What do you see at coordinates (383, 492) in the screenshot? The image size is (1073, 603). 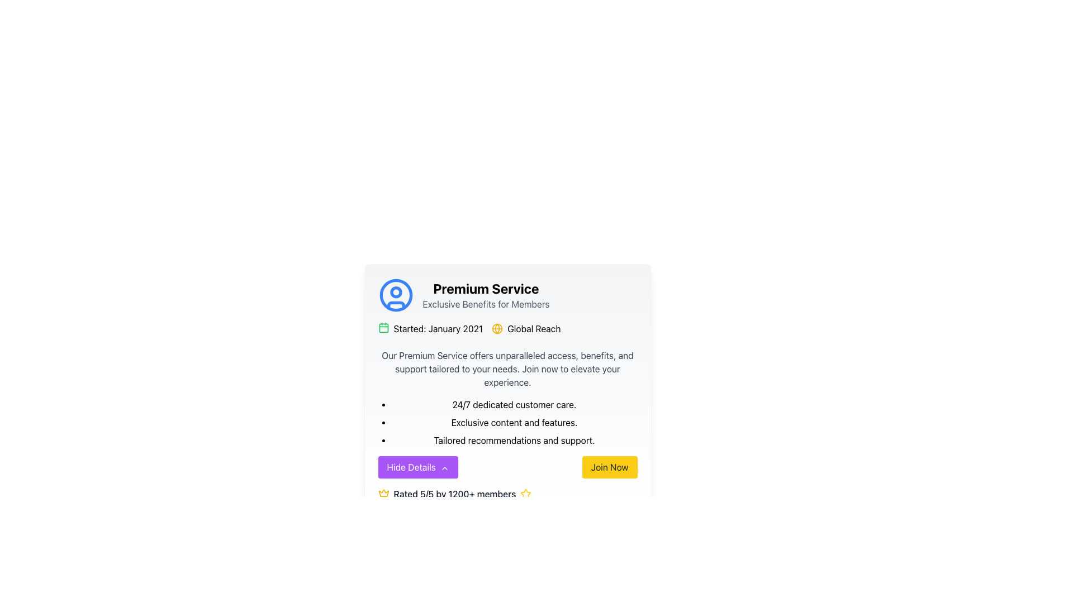 I see `the upper part of the crown icon in the 'Premium Service' card footer, which serves as a visual cue for premium status` at bounding box center [383, 492].